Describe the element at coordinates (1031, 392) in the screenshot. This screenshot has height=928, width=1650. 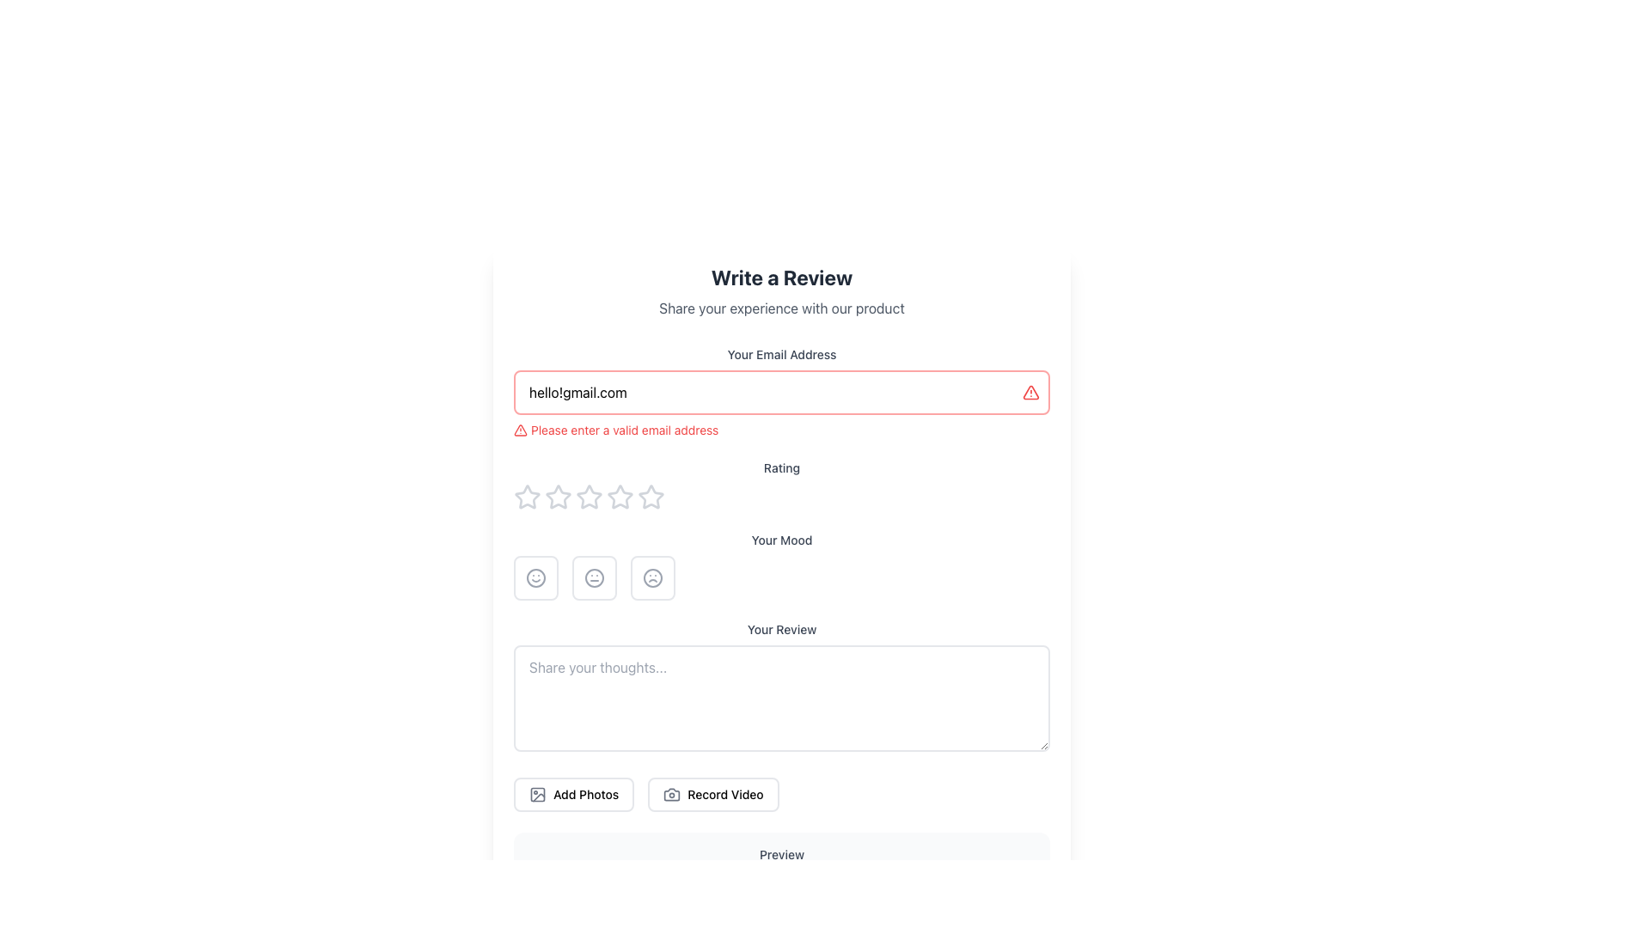
I see `the error alert icon located below the email input box, which indicates an error related to the user's input, specifically for validating the email address` at that location.